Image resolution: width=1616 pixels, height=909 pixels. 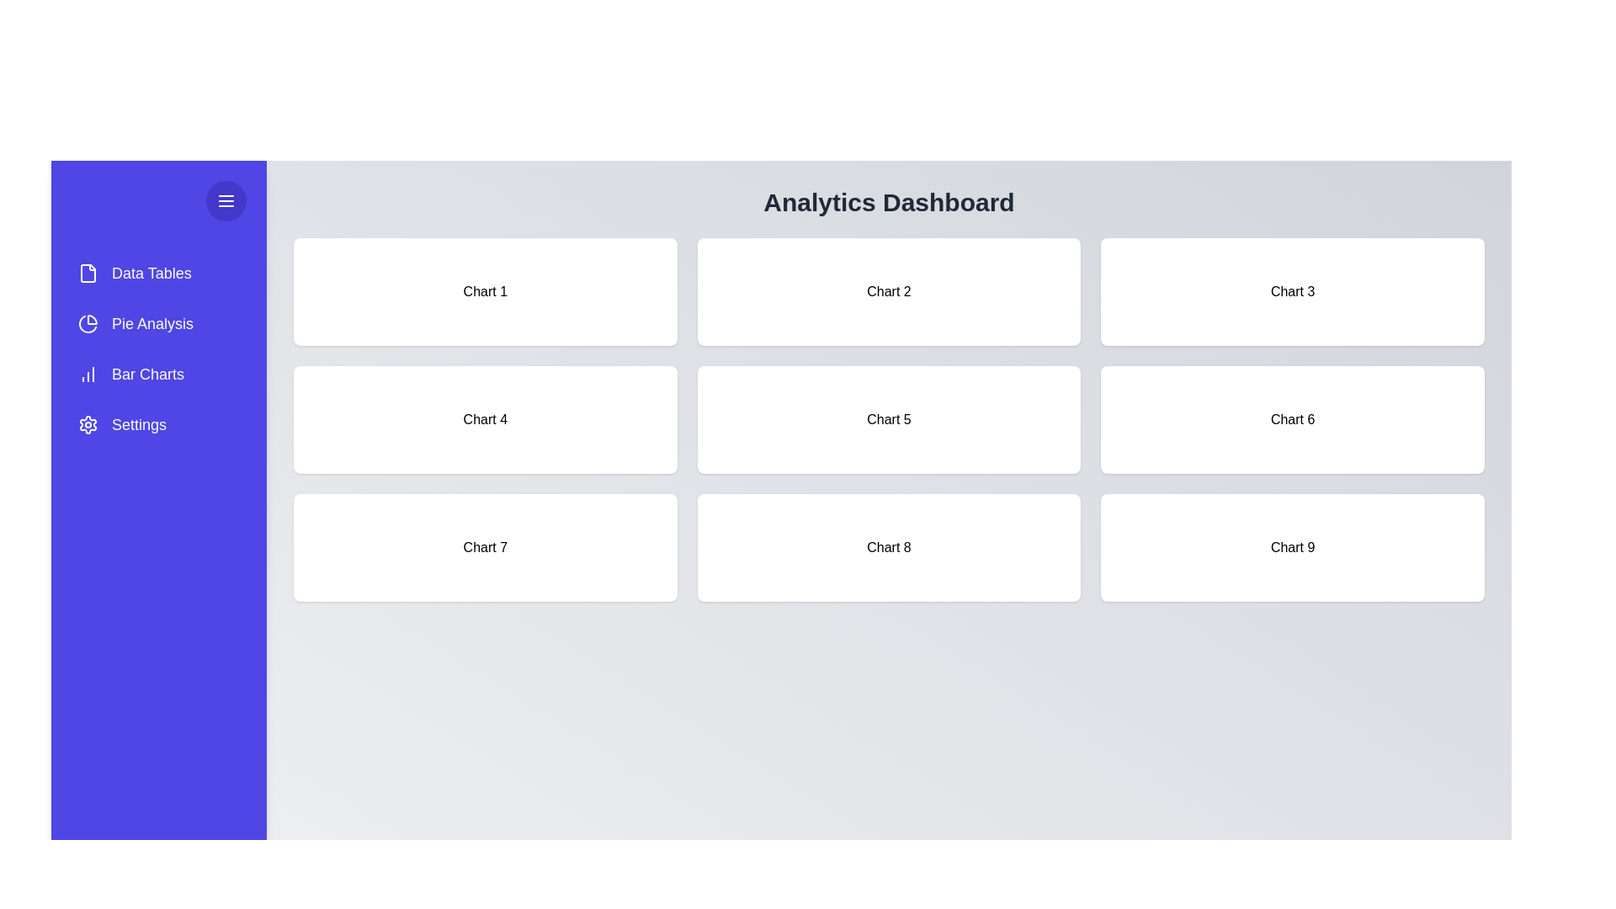 I want to click on the menu button to toggle the drawer visibility, so click(x=225, y=200).